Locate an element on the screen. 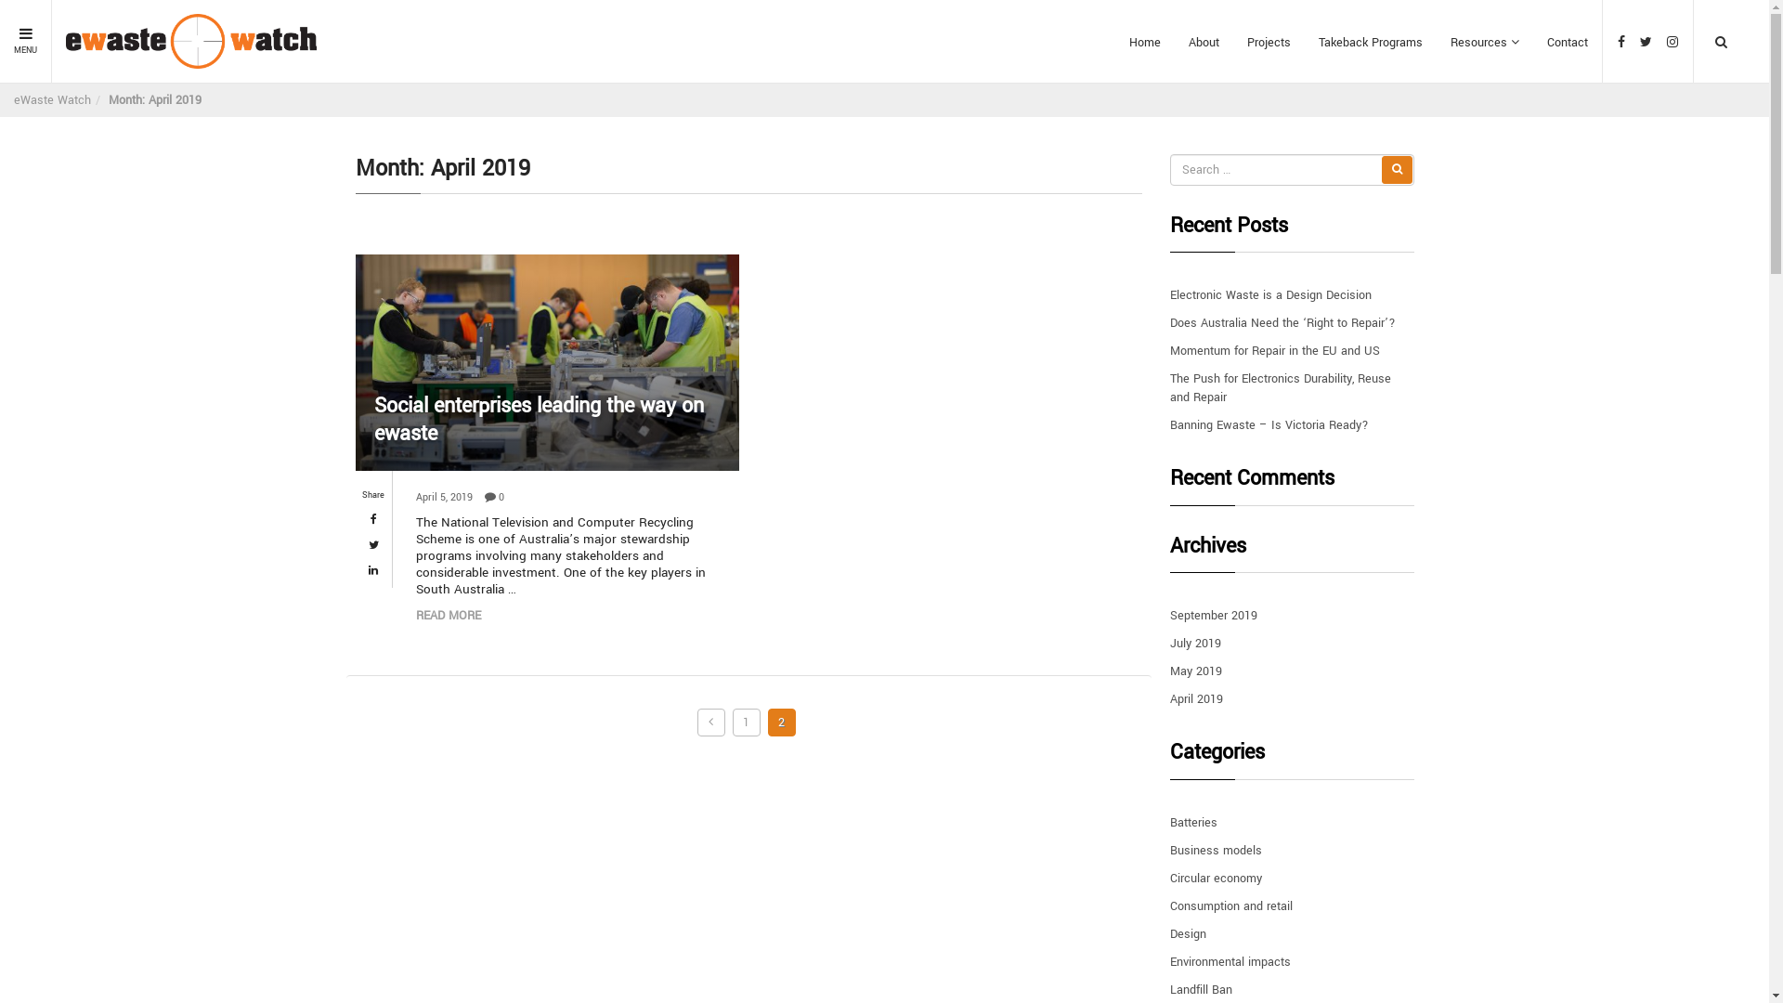 The width and height of the screenshot is (1783, 1003). 'Takeback Programs' is located at coordinates (1371, 42).